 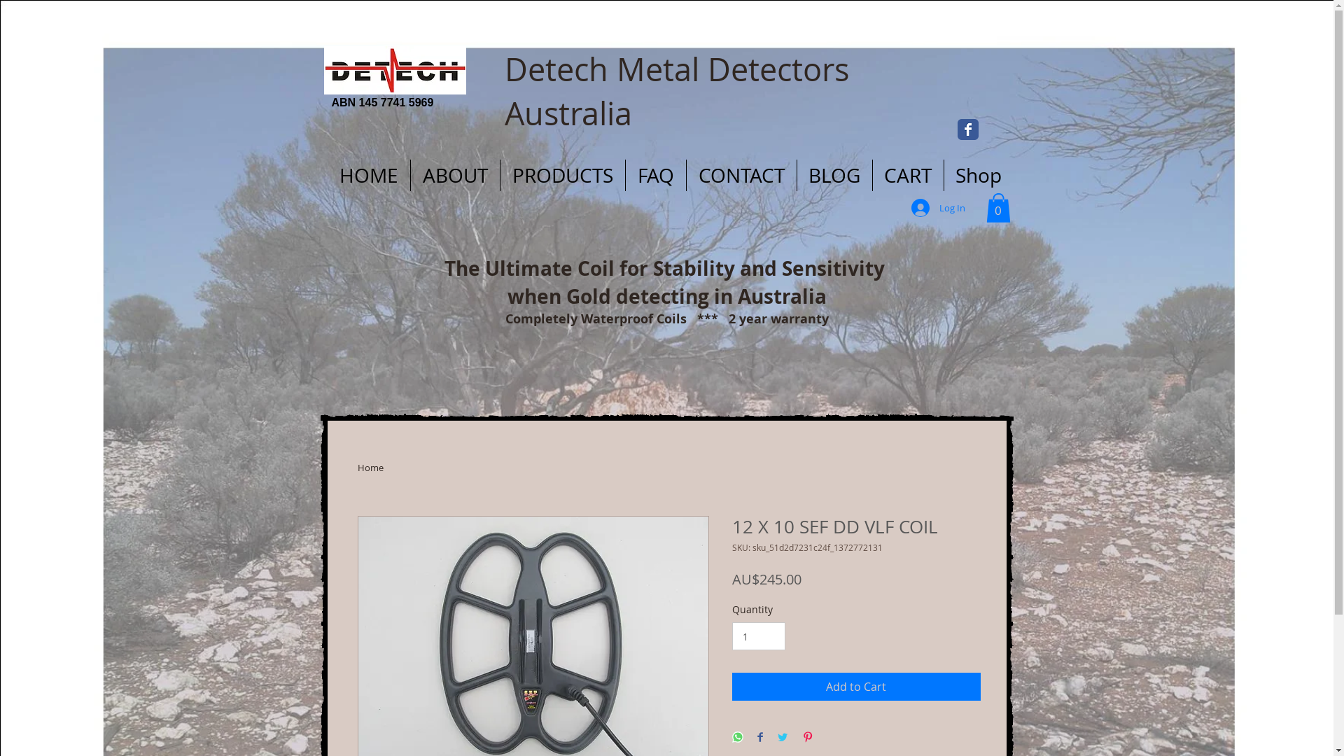 What do you see at coordinates (871, 174) in the screenshot?
I see `'CART'` at bounding box center [871, 174].